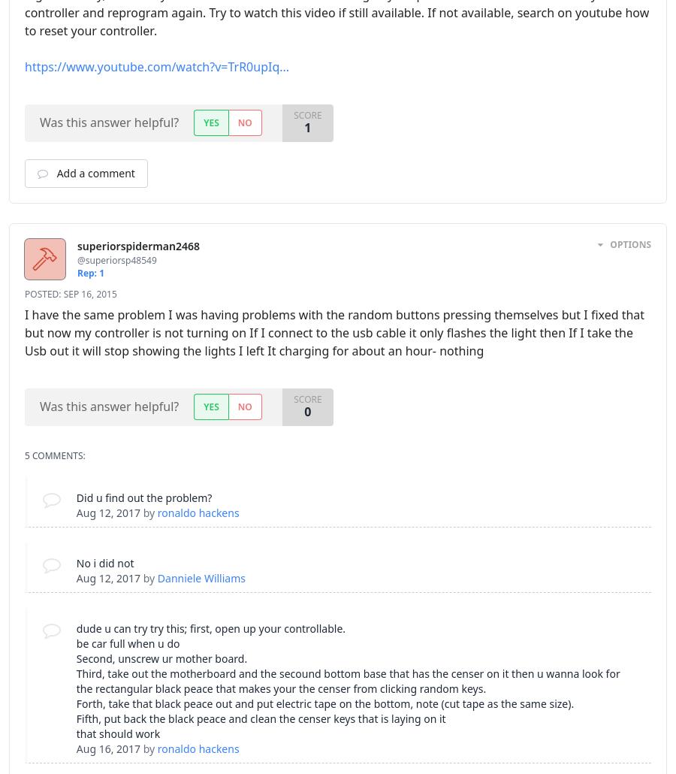 The width and height of the screenshot is (676, 774). Describe the element at coordinates (307, 126) in the screenshot. I see `'1'` at that location.